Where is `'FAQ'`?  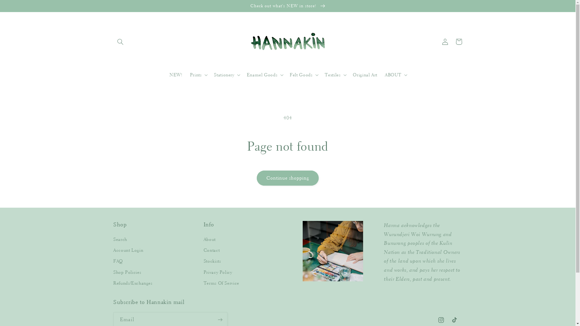 'FAQ' is located at coordinates (118, 261).